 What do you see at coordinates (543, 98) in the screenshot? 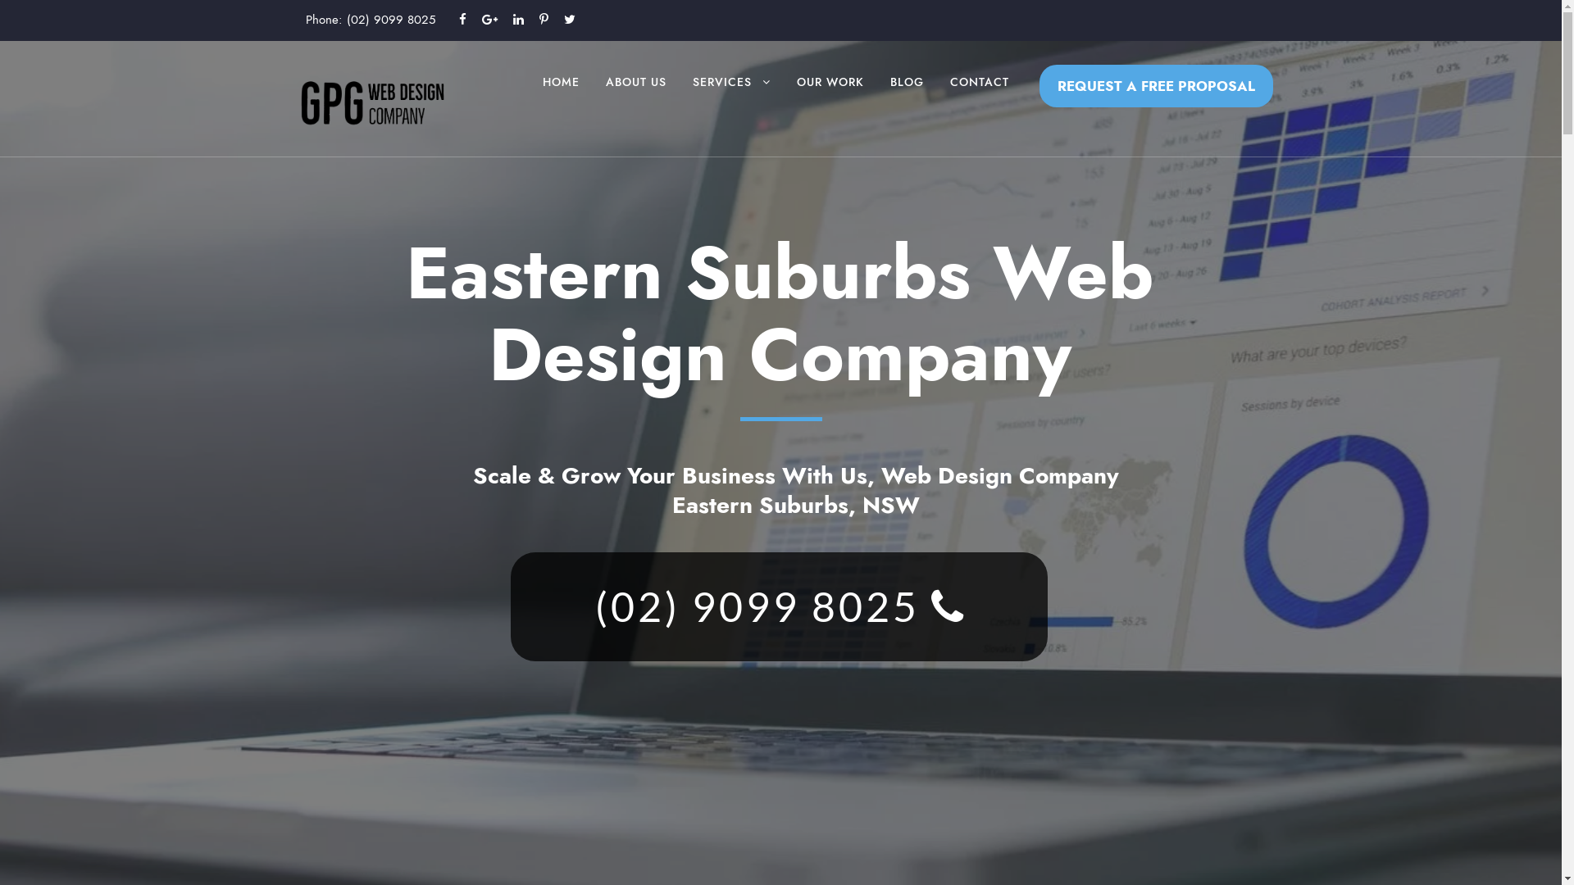
I see `'HOME'` at bounding box center [543, 98].